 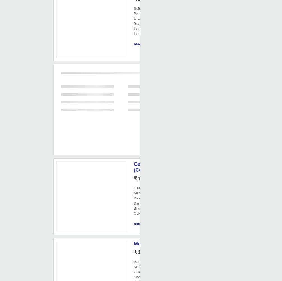 What do you see at coordinates (151, 203) in the screenshot?
I see `':  7L x 6W x 13Th Centimeters'` at bounding box center [151, 203].